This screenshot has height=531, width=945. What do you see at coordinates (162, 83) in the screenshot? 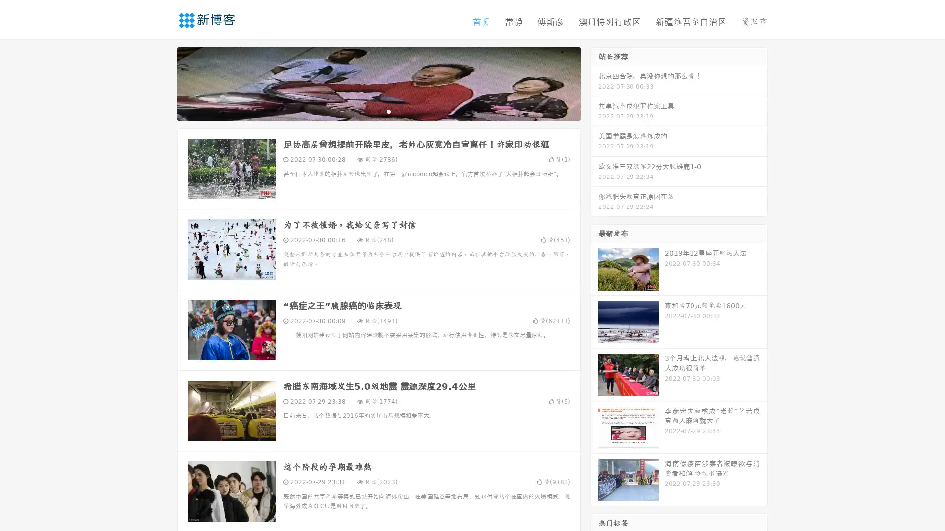
I see `Previous slide` at bounding box center [162, 83].